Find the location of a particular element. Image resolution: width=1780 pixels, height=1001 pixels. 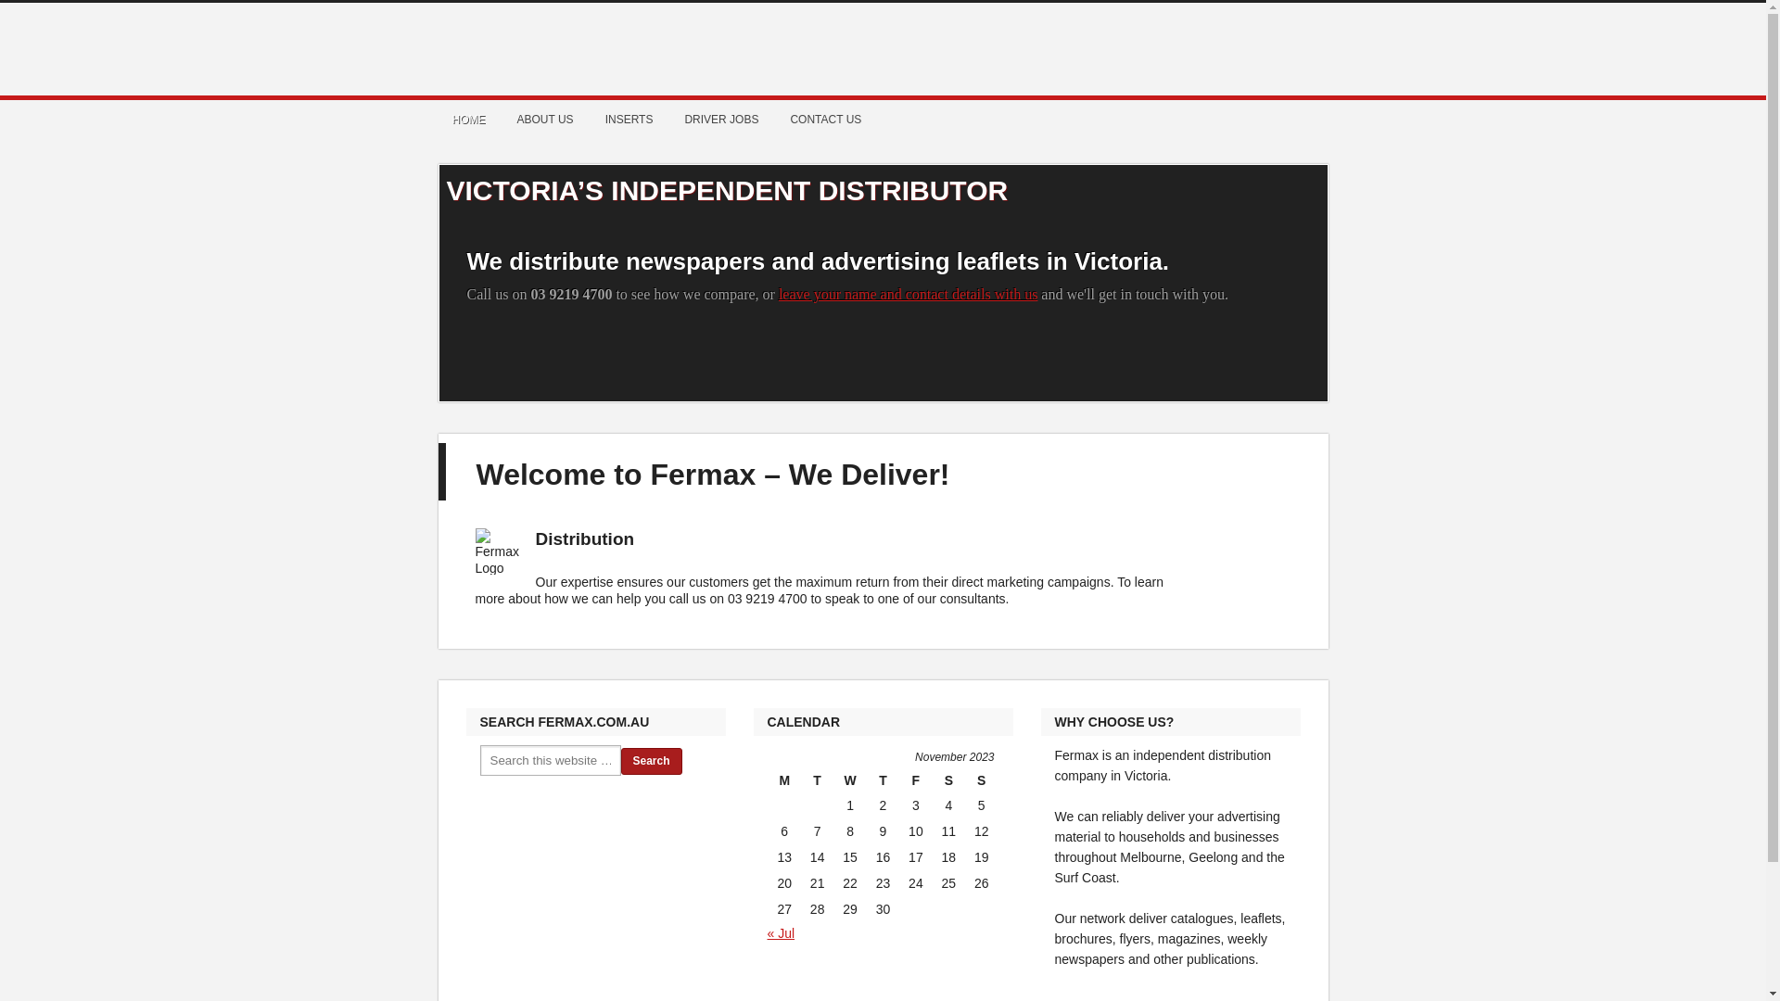

'HOME' is located at coordinates (468, 119).